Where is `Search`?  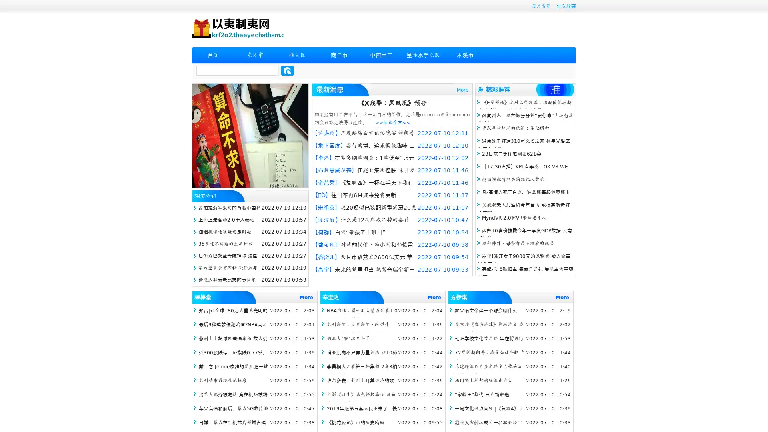 Search is located at coordinates (287, 70).